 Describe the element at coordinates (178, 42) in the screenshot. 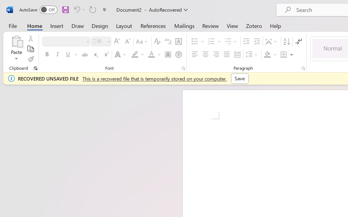

I see `'Character Border'` at that location.